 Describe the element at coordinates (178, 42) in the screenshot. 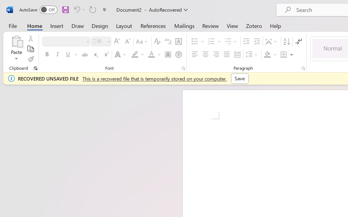

I see `'Character Border'` at that location.